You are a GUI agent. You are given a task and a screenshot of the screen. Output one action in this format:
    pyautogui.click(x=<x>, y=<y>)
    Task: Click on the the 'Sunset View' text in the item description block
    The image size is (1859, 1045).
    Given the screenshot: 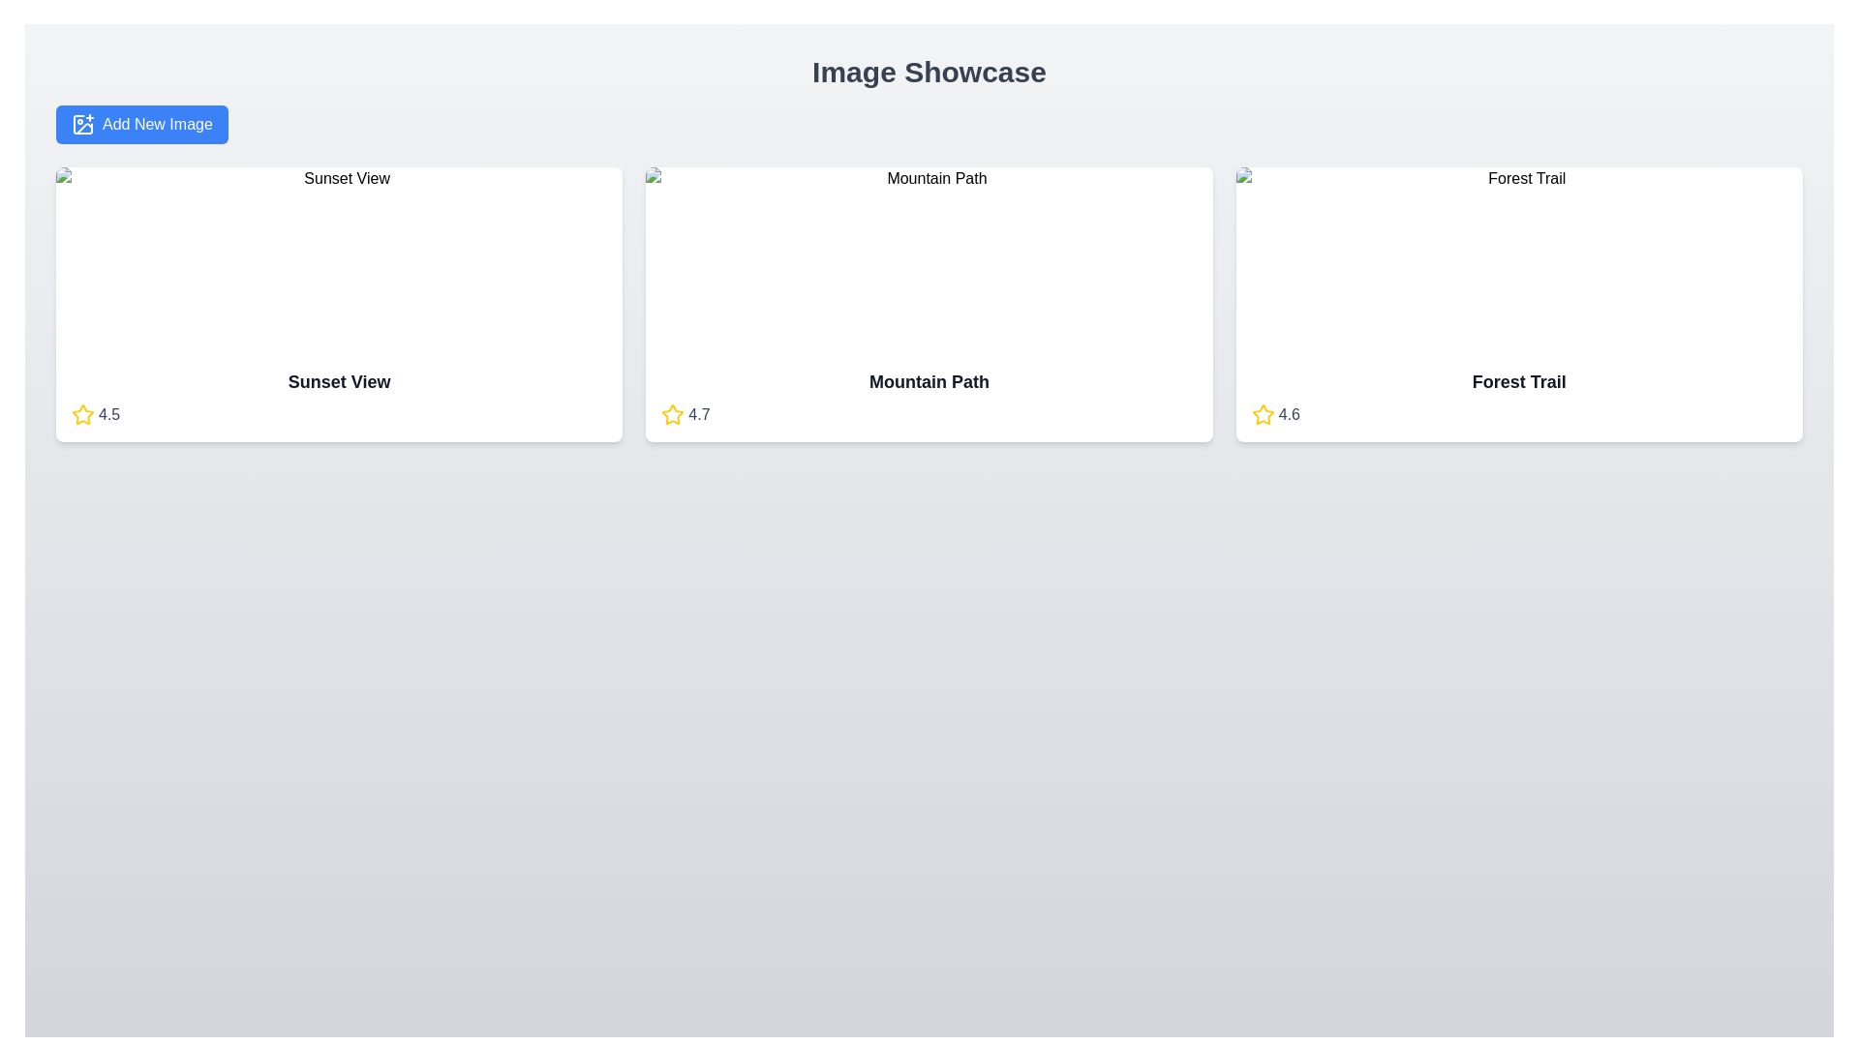 What is the action you would take?
    pyautogui.click(x=339, y=397)
    